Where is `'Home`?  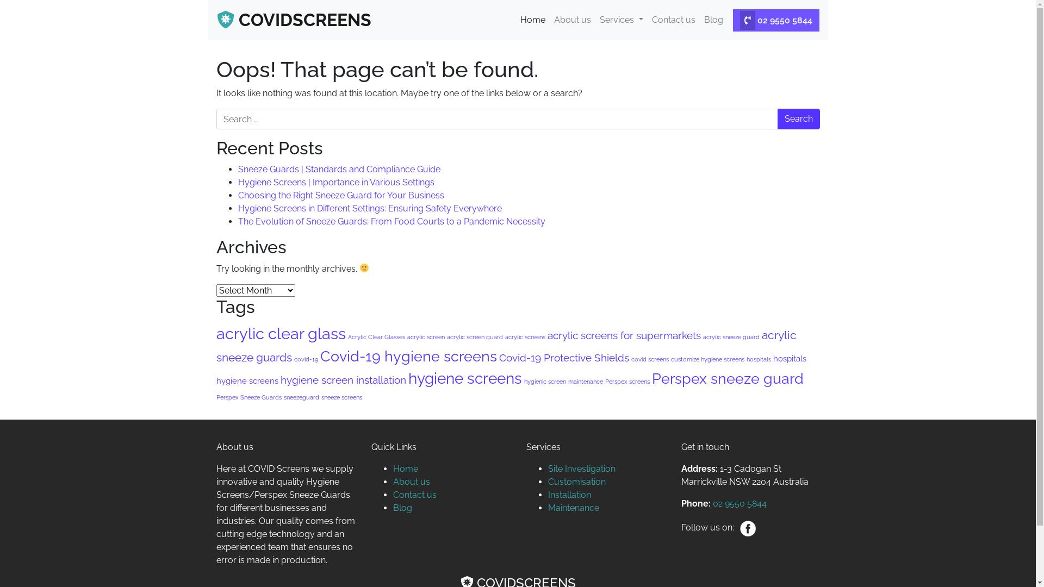
'Home is located at coordinates (532, 19).